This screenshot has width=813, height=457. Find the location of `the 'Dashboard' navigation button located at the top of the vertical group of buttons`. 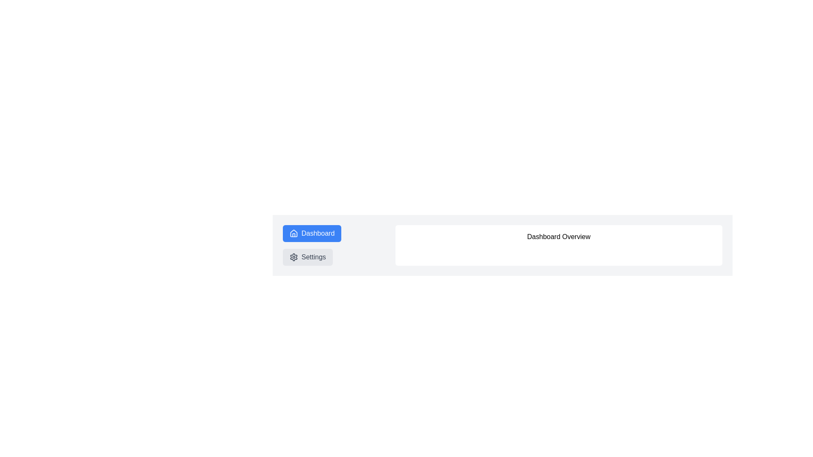

the 'Dashboard' navigation button located at the top of the vertical group of buttons is located at coordinates (312, 233).